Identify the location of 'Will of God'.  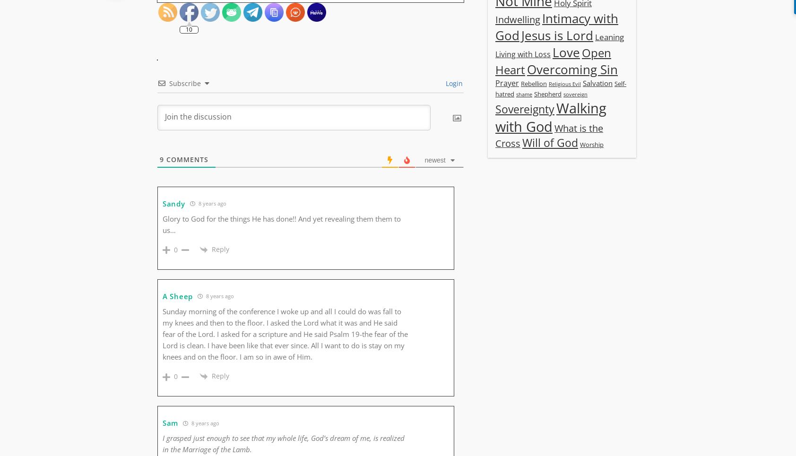
(550, 142).